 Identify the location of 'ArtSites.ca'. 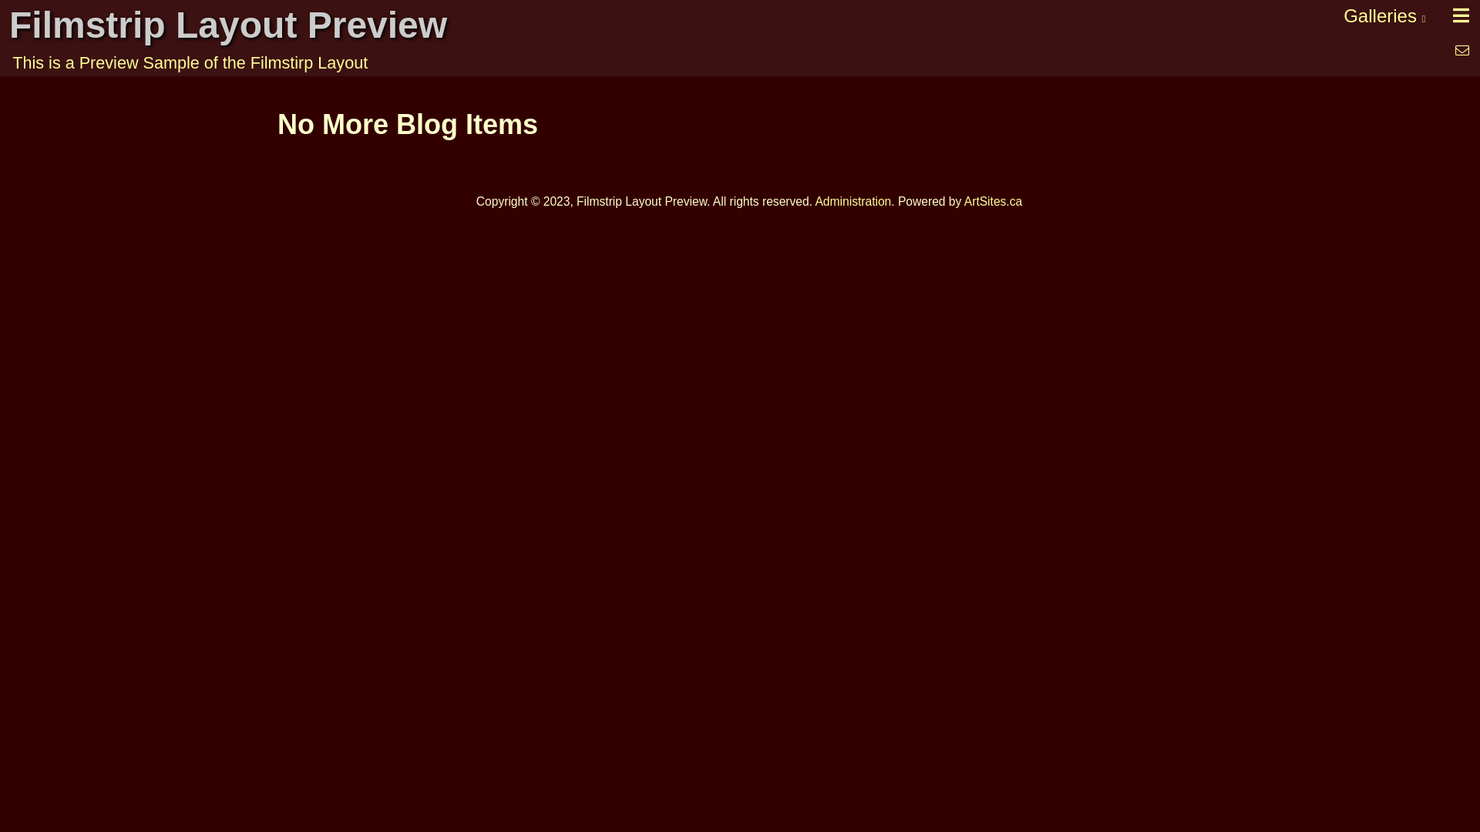
(964, 200).